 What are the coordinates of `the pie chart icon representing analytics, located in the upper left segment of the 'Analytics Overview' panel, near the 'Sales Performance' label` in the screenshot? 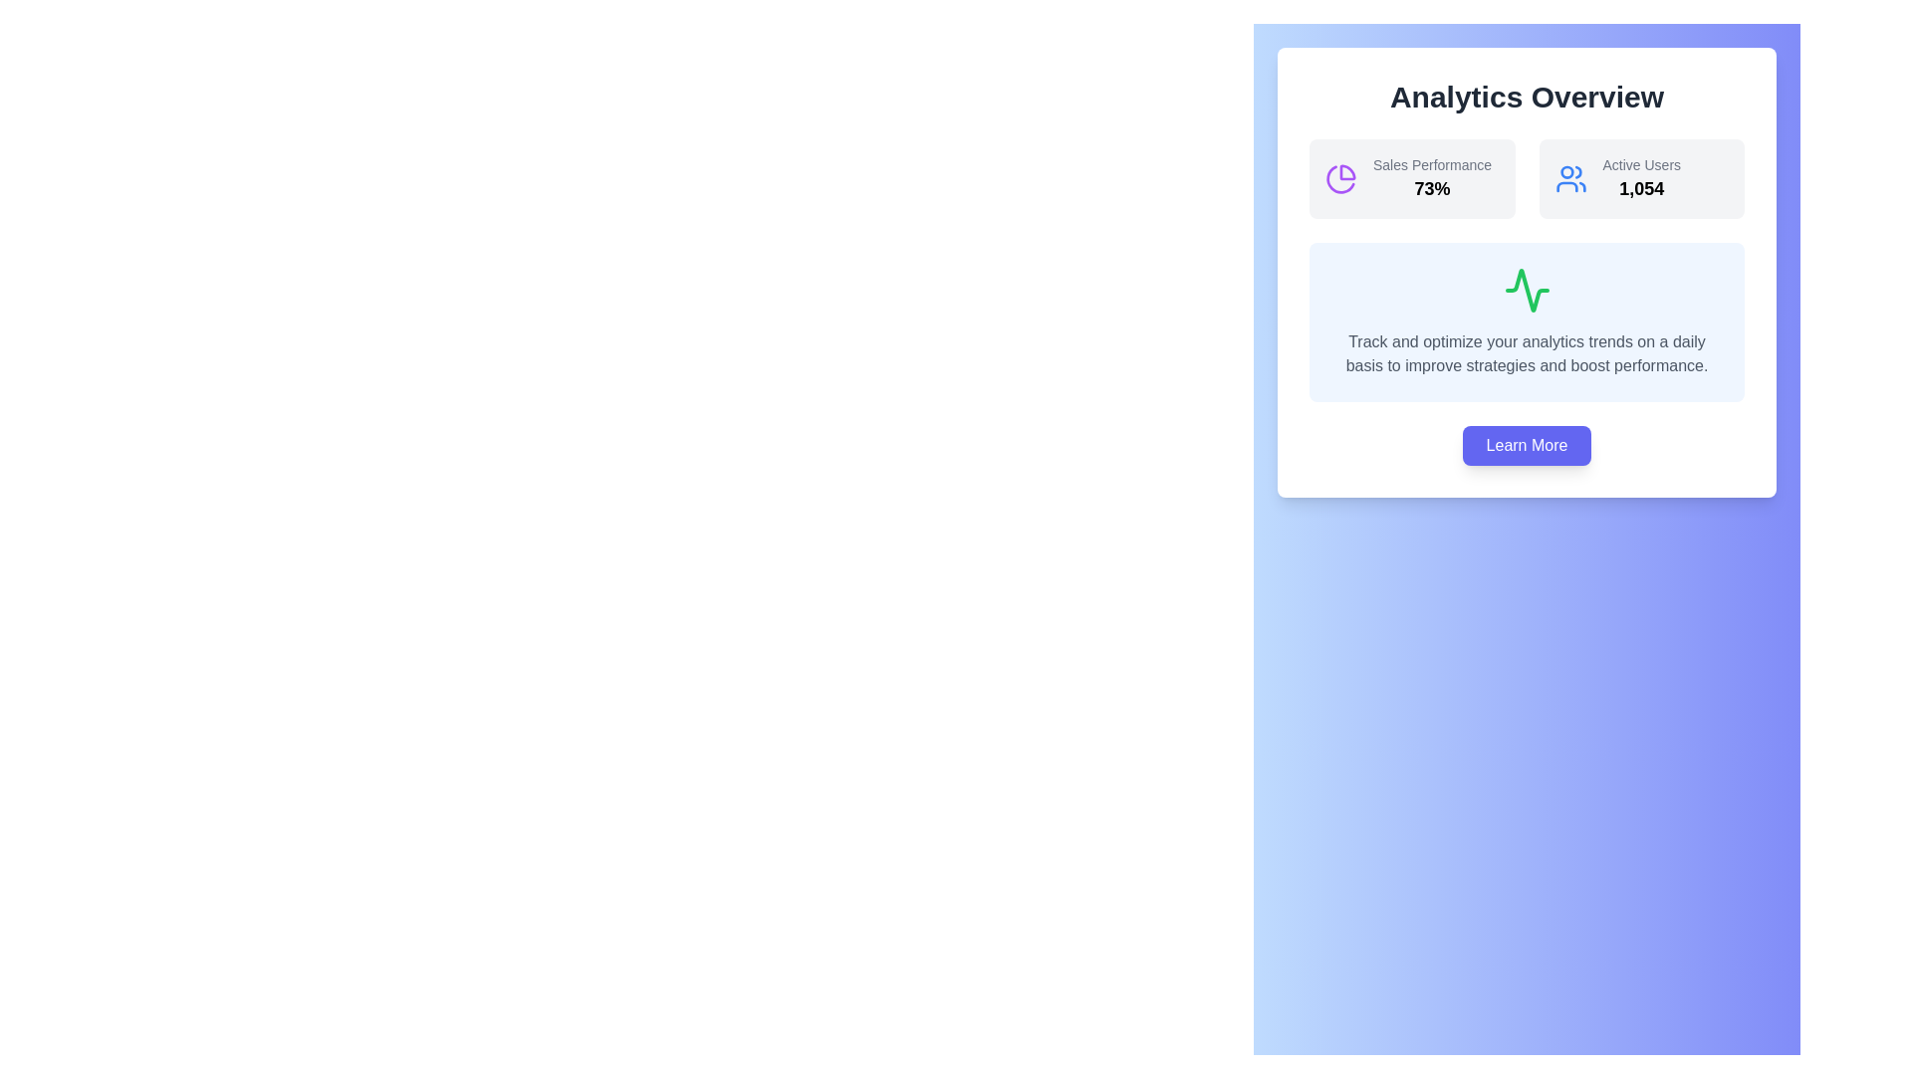 It's located at (1340, 179).